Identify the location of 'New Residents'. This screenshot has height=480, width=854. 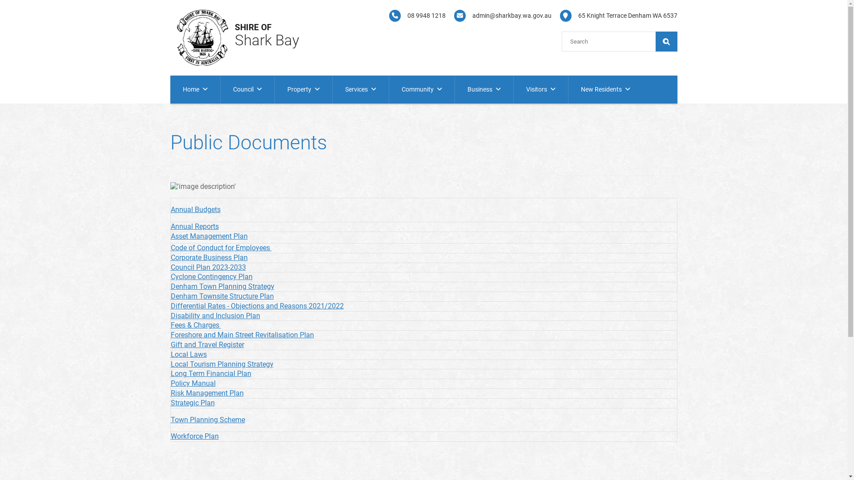
(605, 89).